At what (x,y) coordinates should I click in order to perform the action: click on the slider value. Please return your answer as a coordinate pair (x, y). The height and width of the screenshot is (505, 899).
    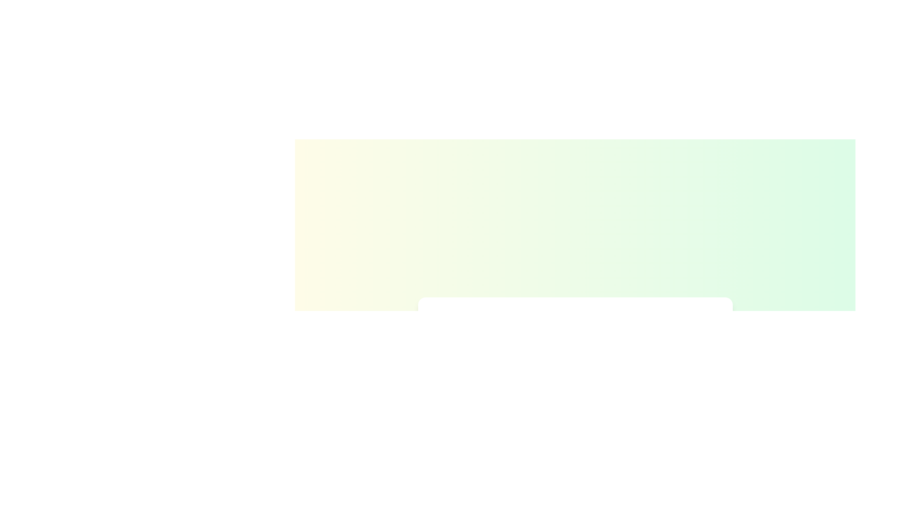
    Looking at the image, I should click on (639, 394).